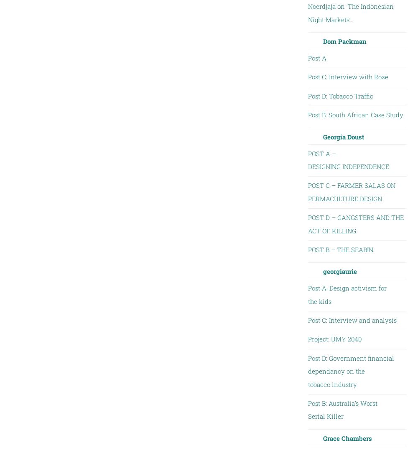  I want to click on 'POST C – FARMER SALAS ON PERMACULTURE DESIGN', so click(351, 192).